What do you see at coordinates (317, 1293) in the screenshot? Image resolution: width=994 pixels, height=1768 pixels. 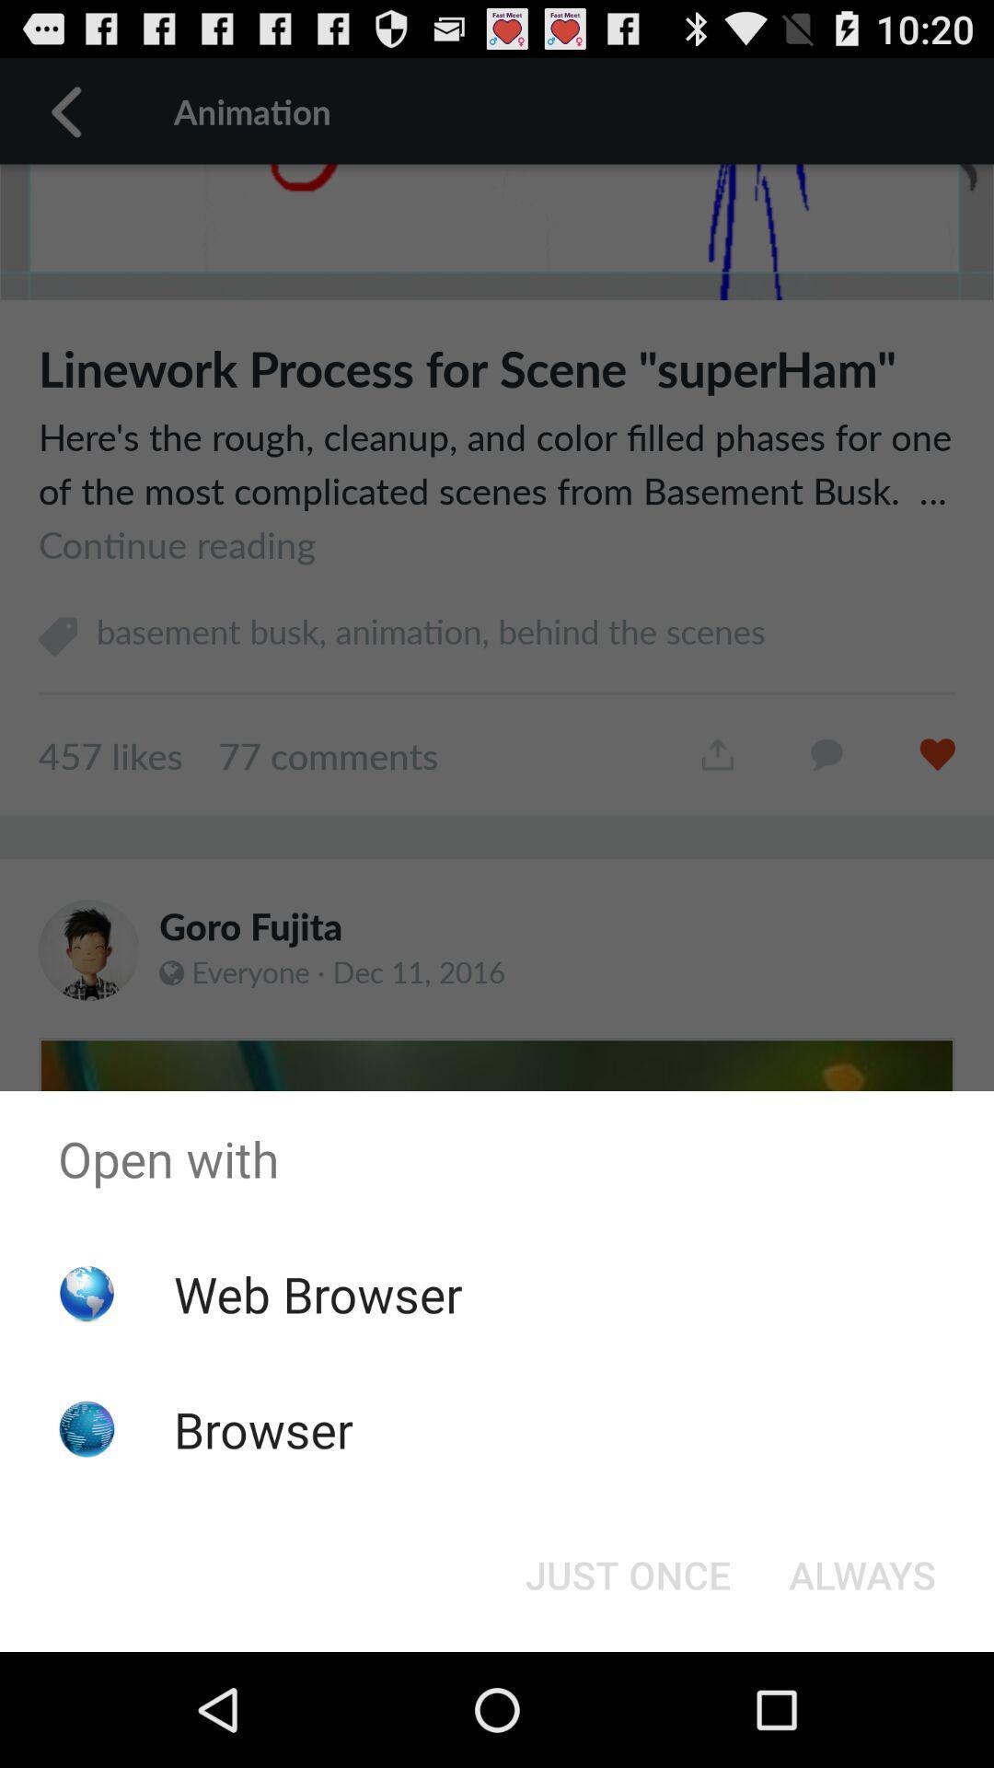 I see `item below the open with item` at bounding box center [317, 1293].